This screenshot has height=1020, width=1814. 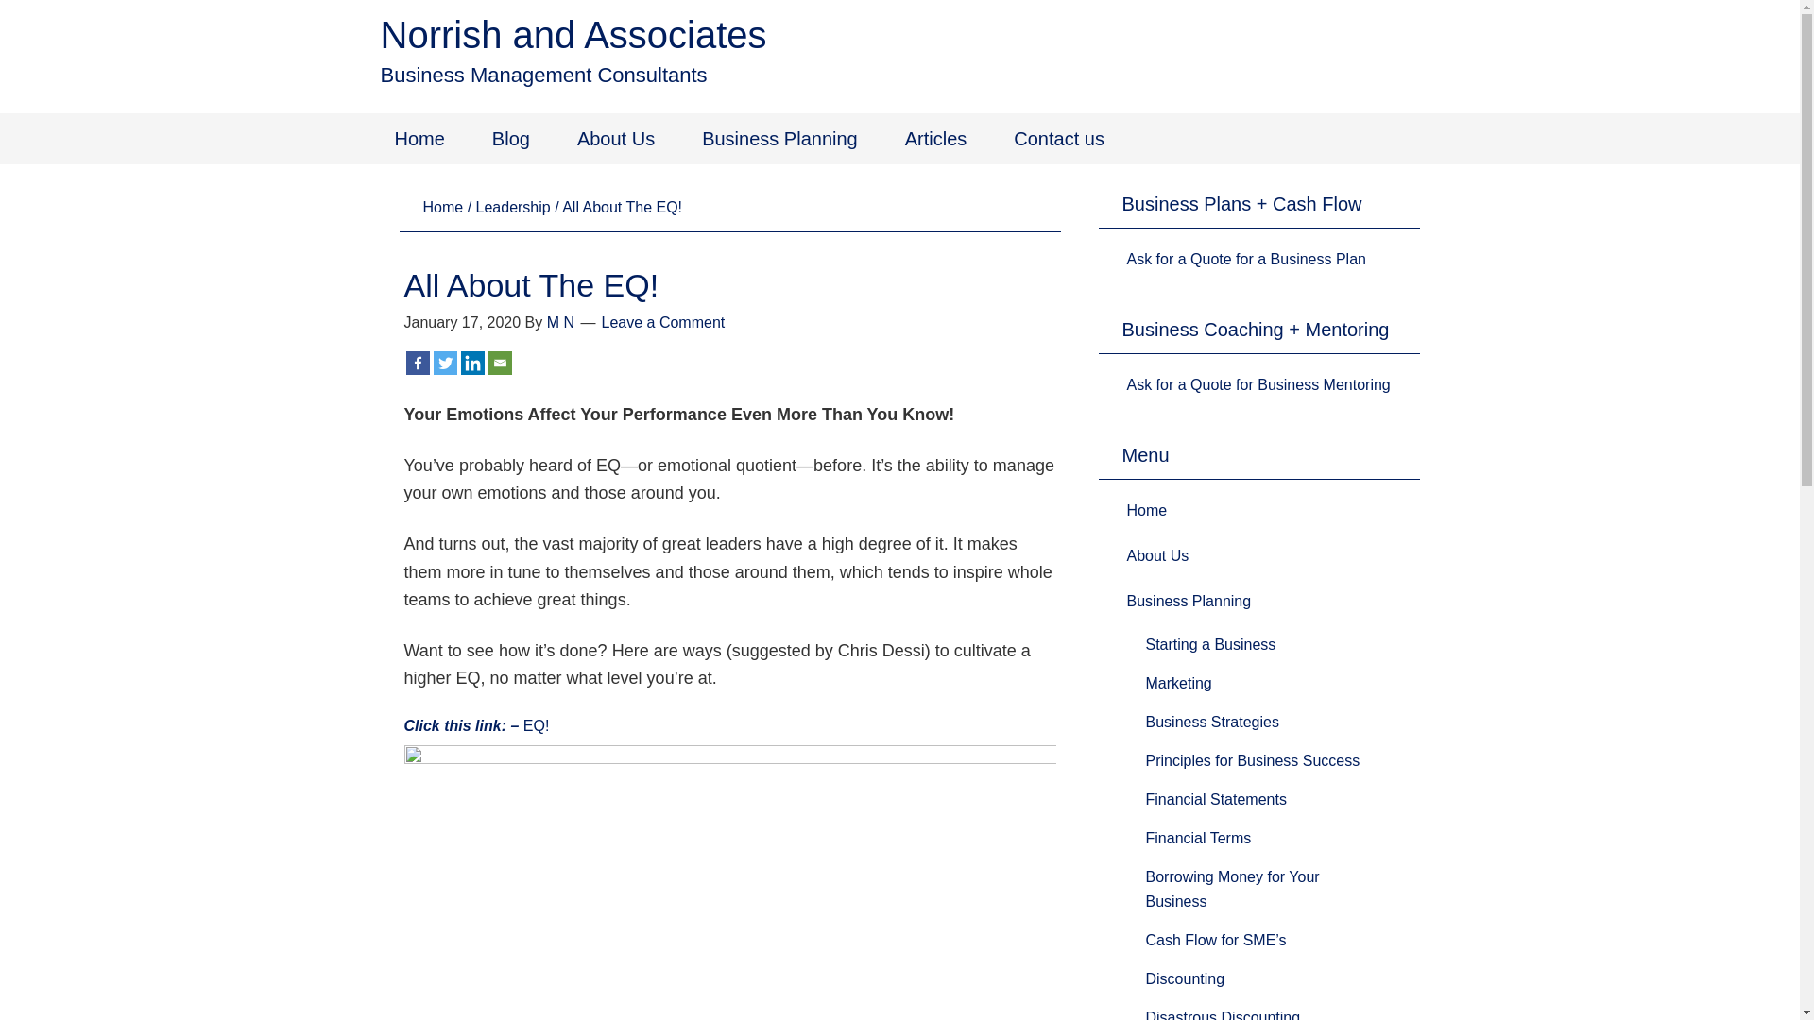 What do you see at coordinates (1258, 383) in the screenshot?
I see `'Ask for a Quote for Business Mentoring'` at bounding box center [1258, 383].